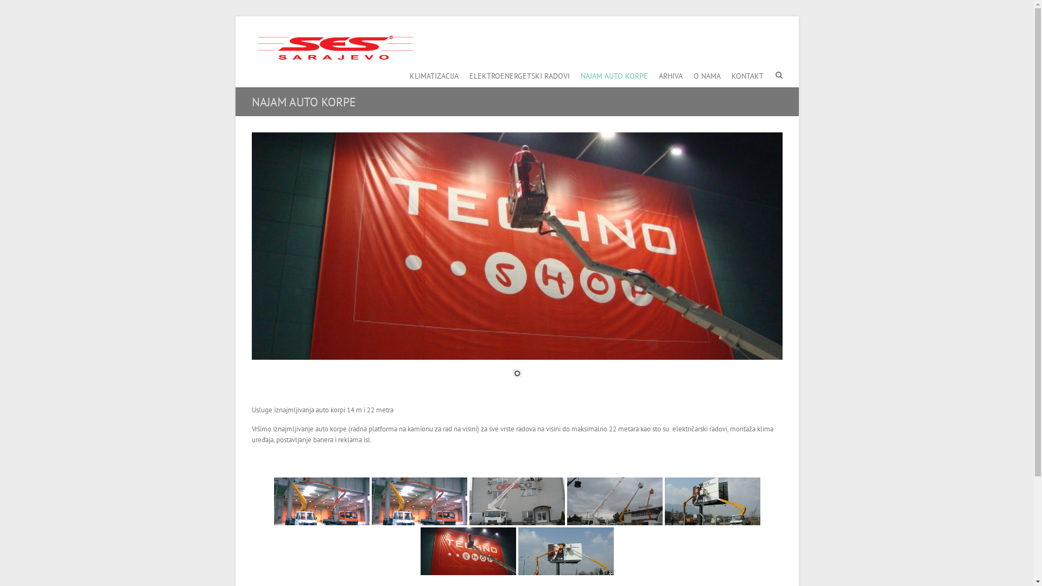 The width and height of the screenshot is (1042, 586). I want to click on 'ELEKTROENERGETSKI RADOVI', so click(518, 73).